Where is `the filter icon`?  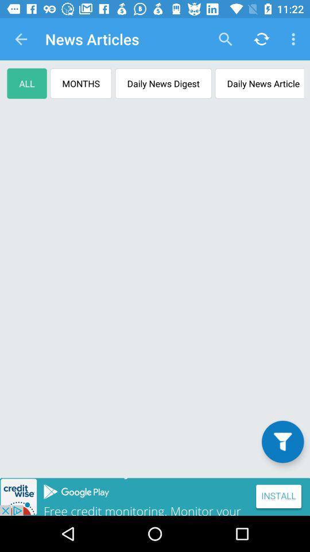
the filter icon is located at coordinates (282, 441).